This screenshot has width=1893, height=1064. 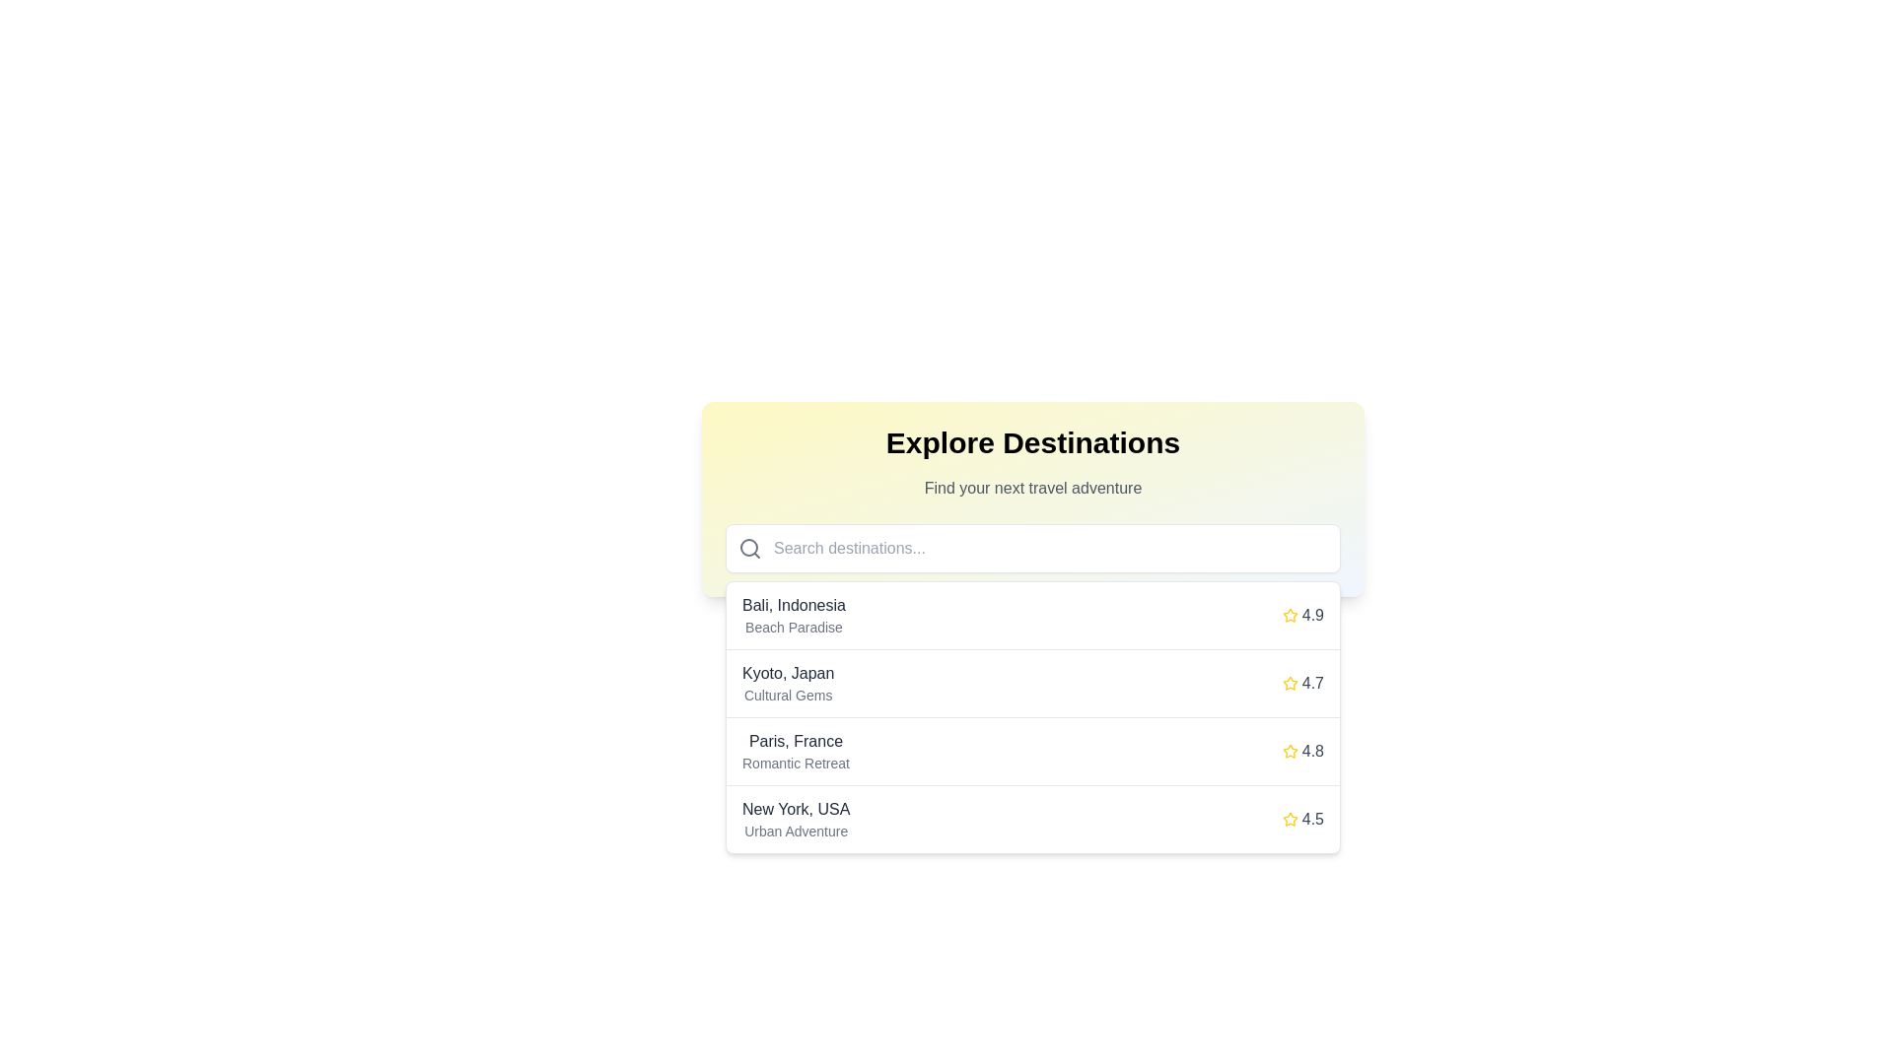 What do you see at coordinates (1302, 752) in the screenshot?
I see `the rating representation element for 'Paris, France'` at bounding box center [1302, 752].